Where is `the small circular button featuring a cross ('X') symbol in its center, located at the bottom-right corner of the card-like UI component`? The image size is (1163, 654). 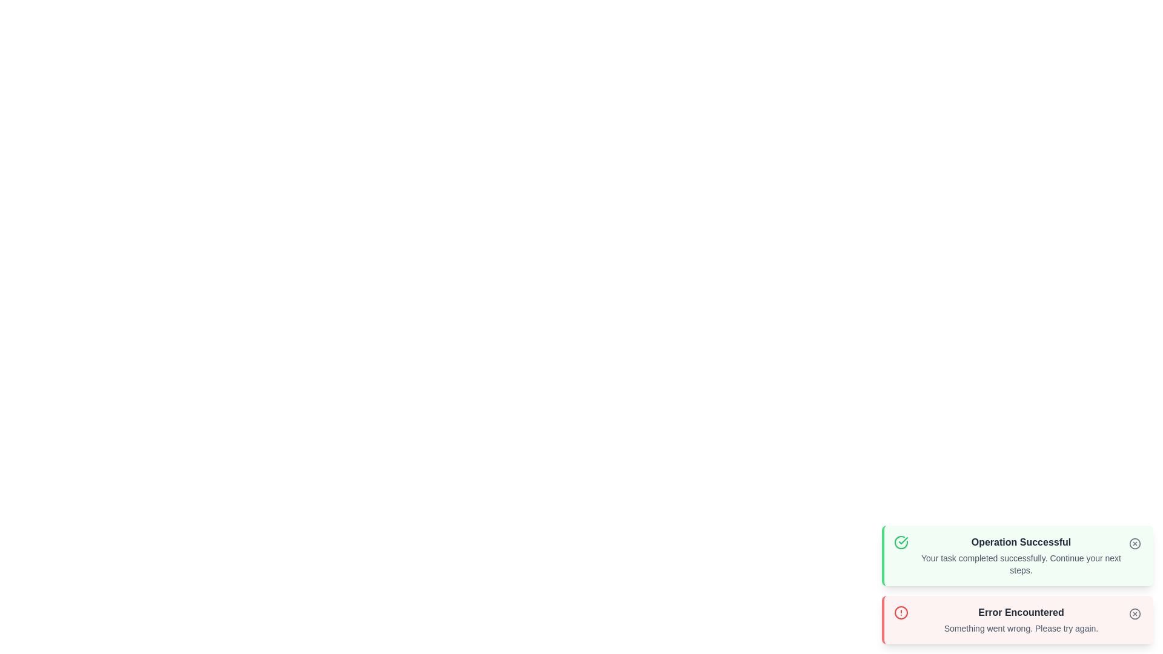
the small circular button featuring a cross ('X') symbol in its center, located at the bottom-right corner of the card-like UI component is located at coordinates (1134, 614).